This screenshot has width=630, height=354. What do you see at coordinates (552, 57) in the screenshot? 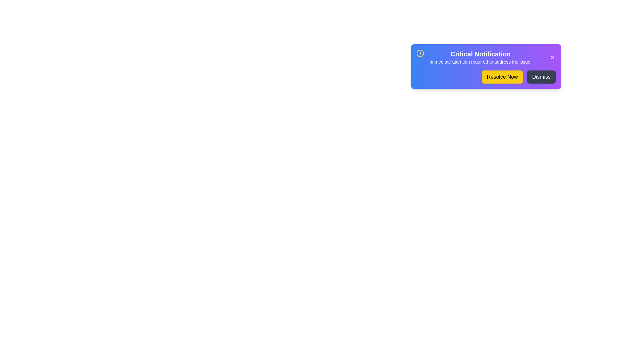
I see `the close button (icon button) in the notification at the top-right corner to change its color` at bounding box center [552, 57].